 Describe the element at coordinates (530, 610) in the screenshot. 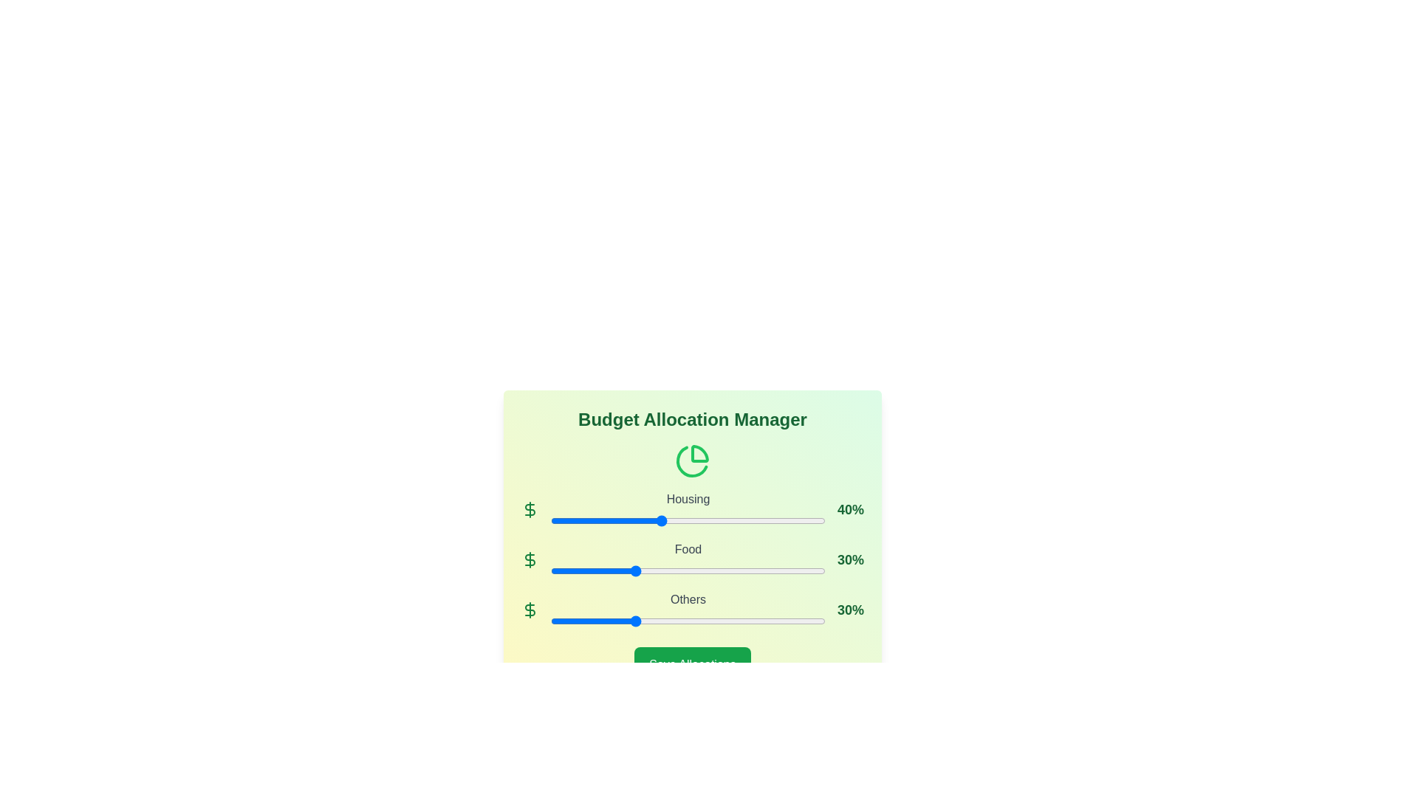

I see `the dollar sign icon for Others` at that location.